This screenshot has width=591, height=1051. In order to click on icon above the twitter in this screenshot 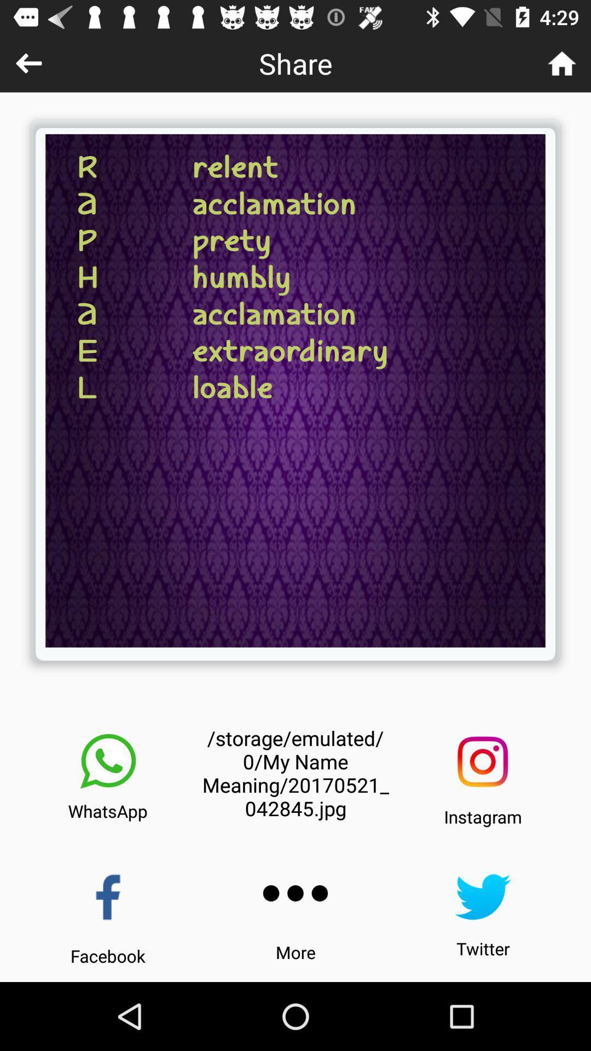, I will do `click(482, 897)`.